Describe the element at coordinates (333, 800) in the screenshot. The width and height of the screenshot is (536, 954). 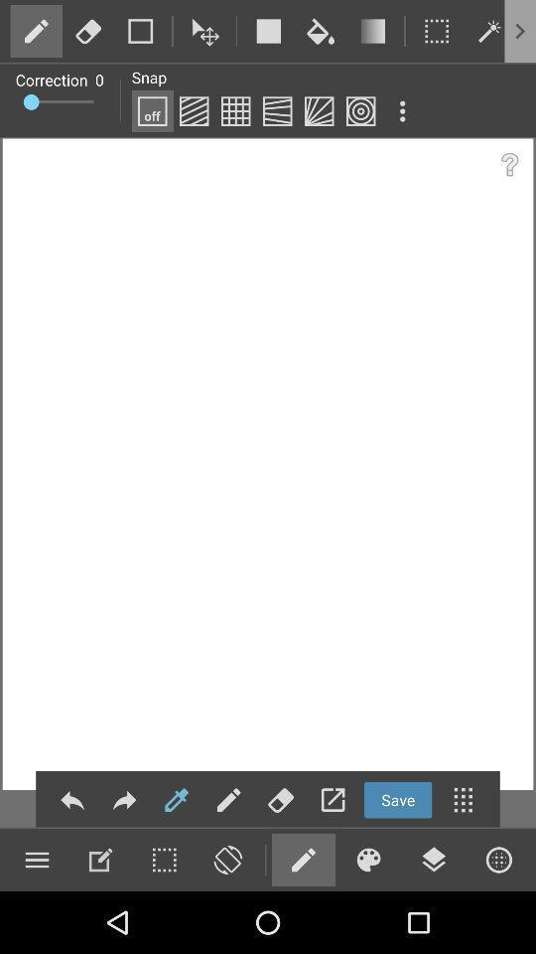
I see `the launch icon` at that location.